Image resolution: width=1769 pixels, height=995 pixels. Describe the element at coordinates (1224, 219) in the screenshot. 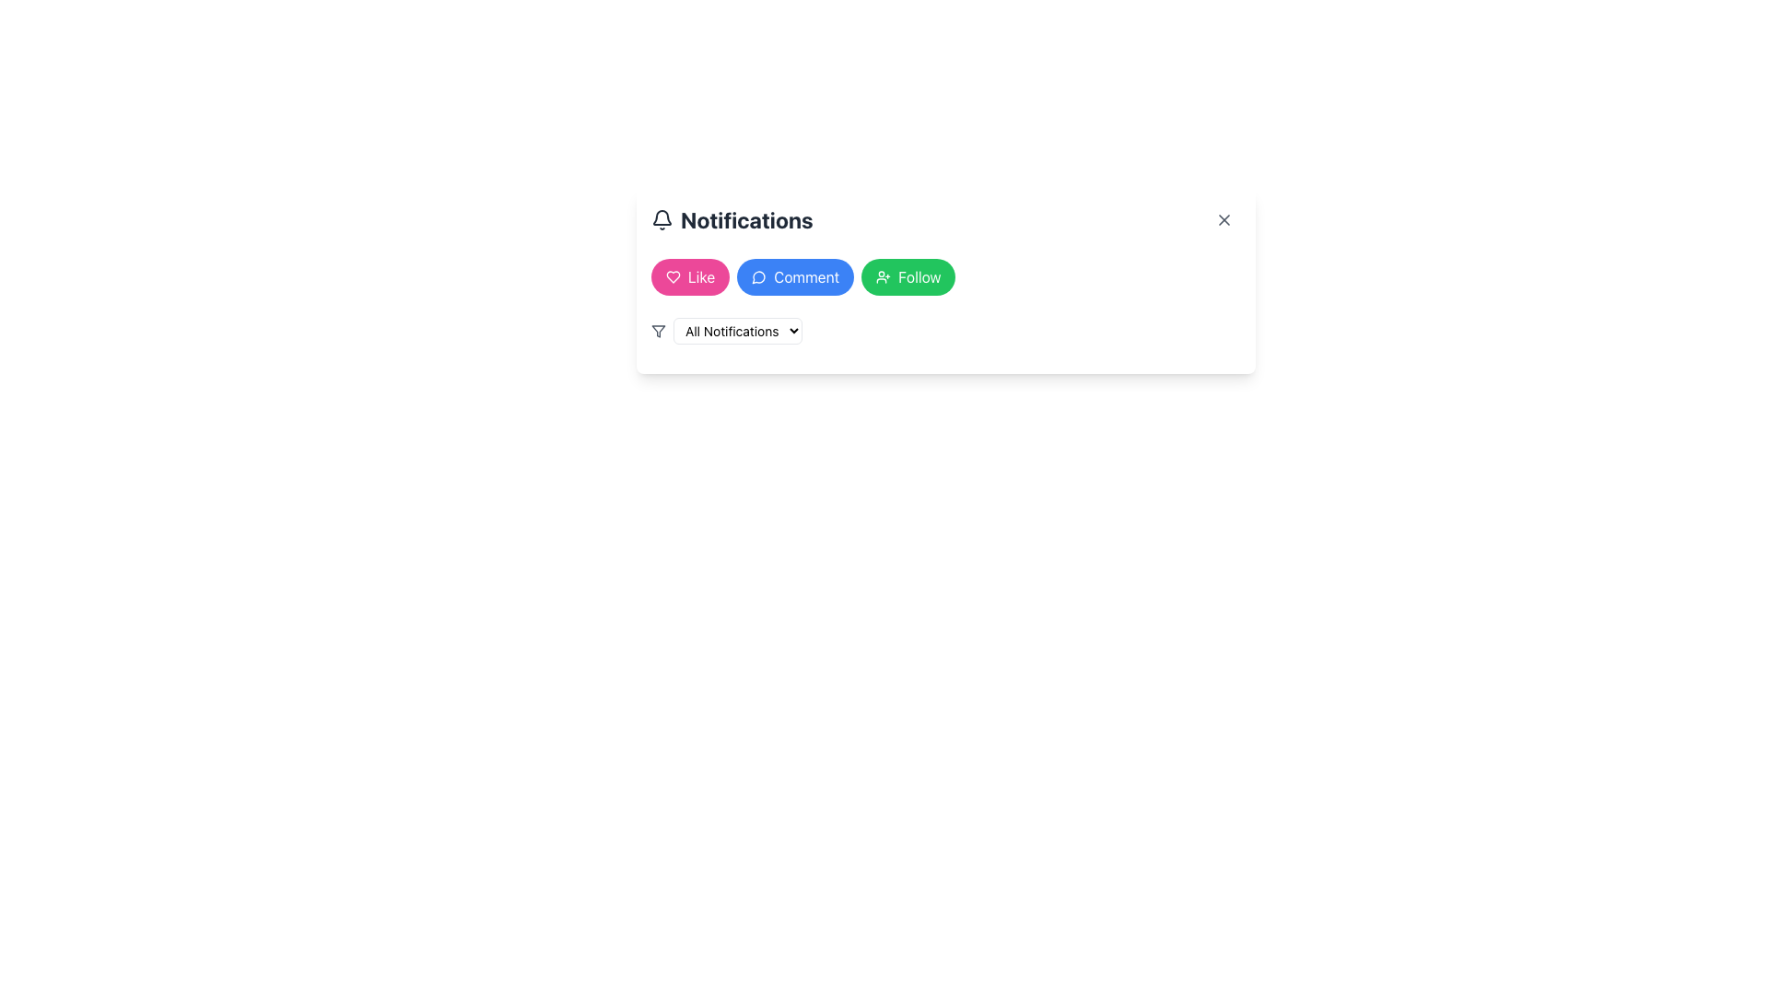

I see `the close icon located in the top-right corner of the white notification card` at that location.